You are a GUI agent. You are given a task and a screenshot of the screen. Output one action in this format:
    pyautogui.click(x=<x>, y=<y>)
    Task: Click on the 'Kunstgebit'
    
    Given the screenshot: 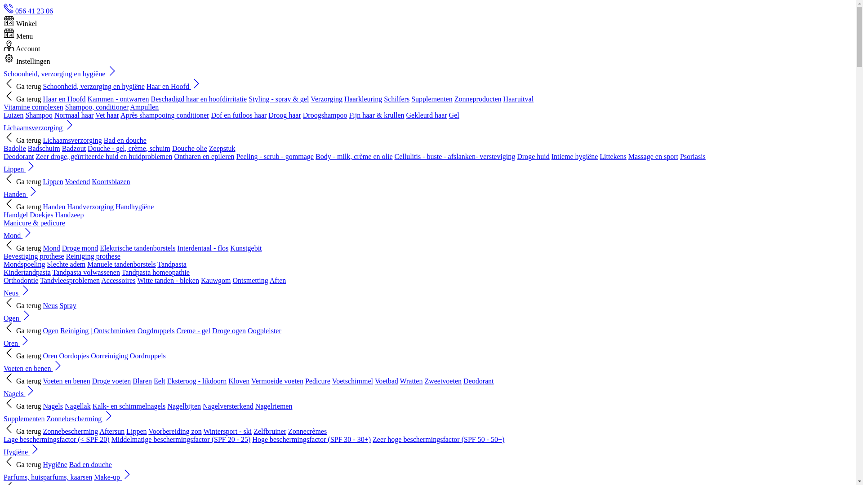 What is the action you would take?
    pyautogui.click(x=246, y=248)
    